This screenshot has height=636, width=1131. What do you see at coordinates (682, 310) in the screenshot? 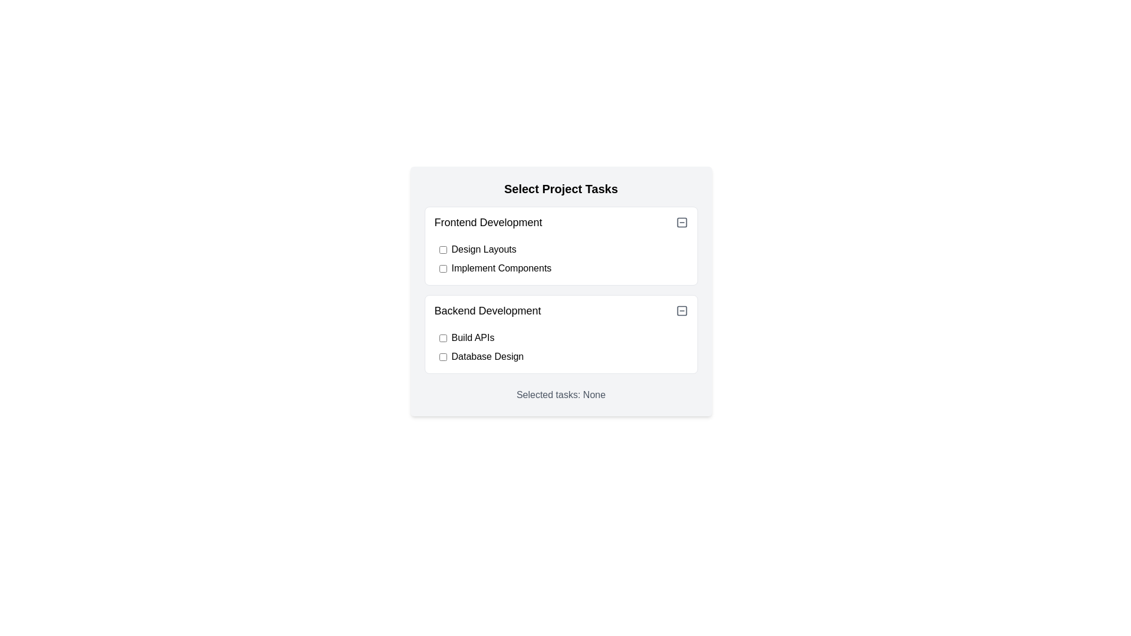
I see `the icon button resembling a square with a centered horizontal line, located next to the 'Backend Development' title` at bounding box center [682, 310].